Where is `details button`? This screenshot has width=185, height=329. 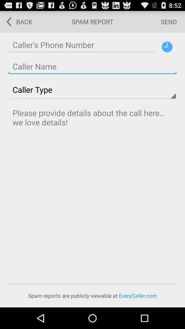
details button is located at coordinates (166, 46).